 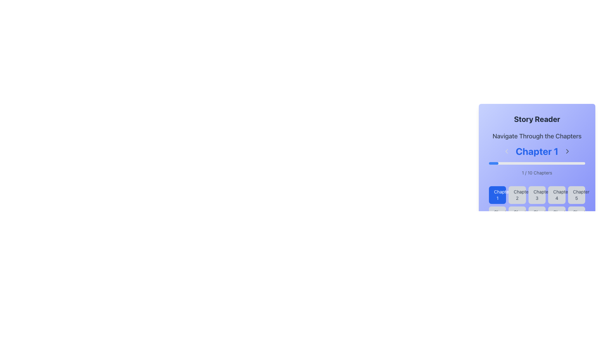 What do you see at coordinates (536, 151) in the screenshot?
I see `text label indicating the current chapter being viewed, located at the center of the chapter navigation component` at bounding box center [536, 151].